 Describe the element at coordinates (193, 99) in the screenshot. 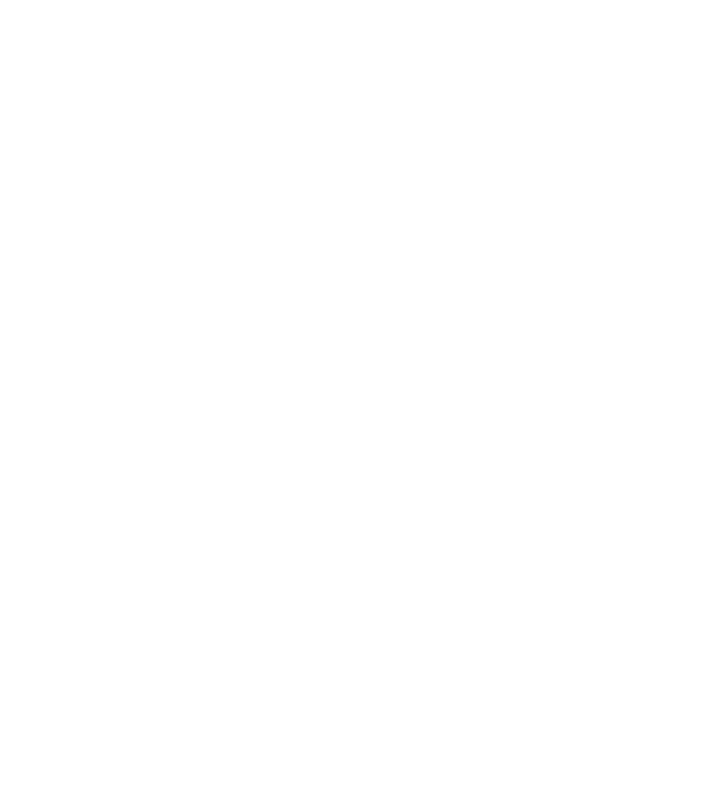

I see `'Blogs'` at that location.